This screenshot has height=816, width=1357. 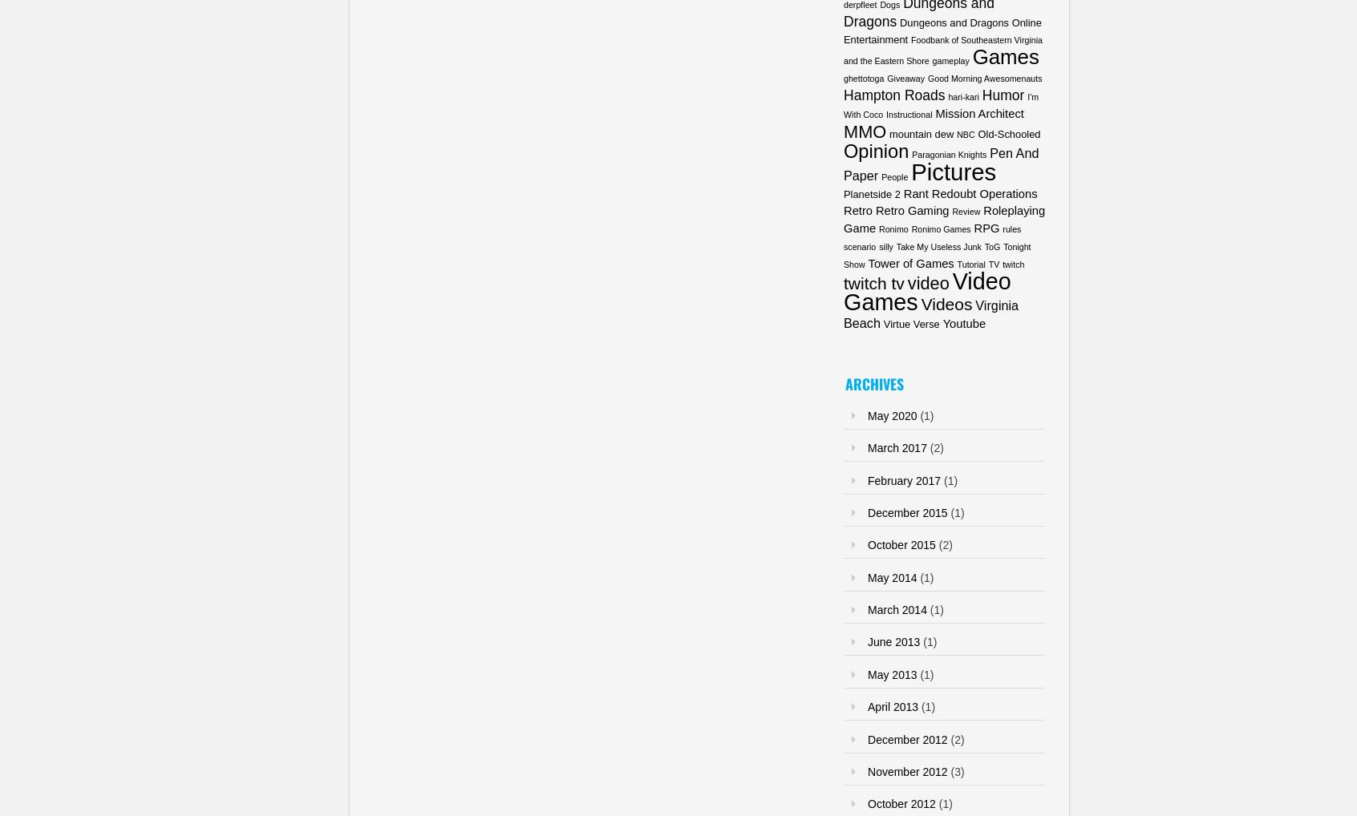 What do you see at coordinates (952, 170) in the screenshot?
I see `'Pictures'` at bounding box center [952, 170].